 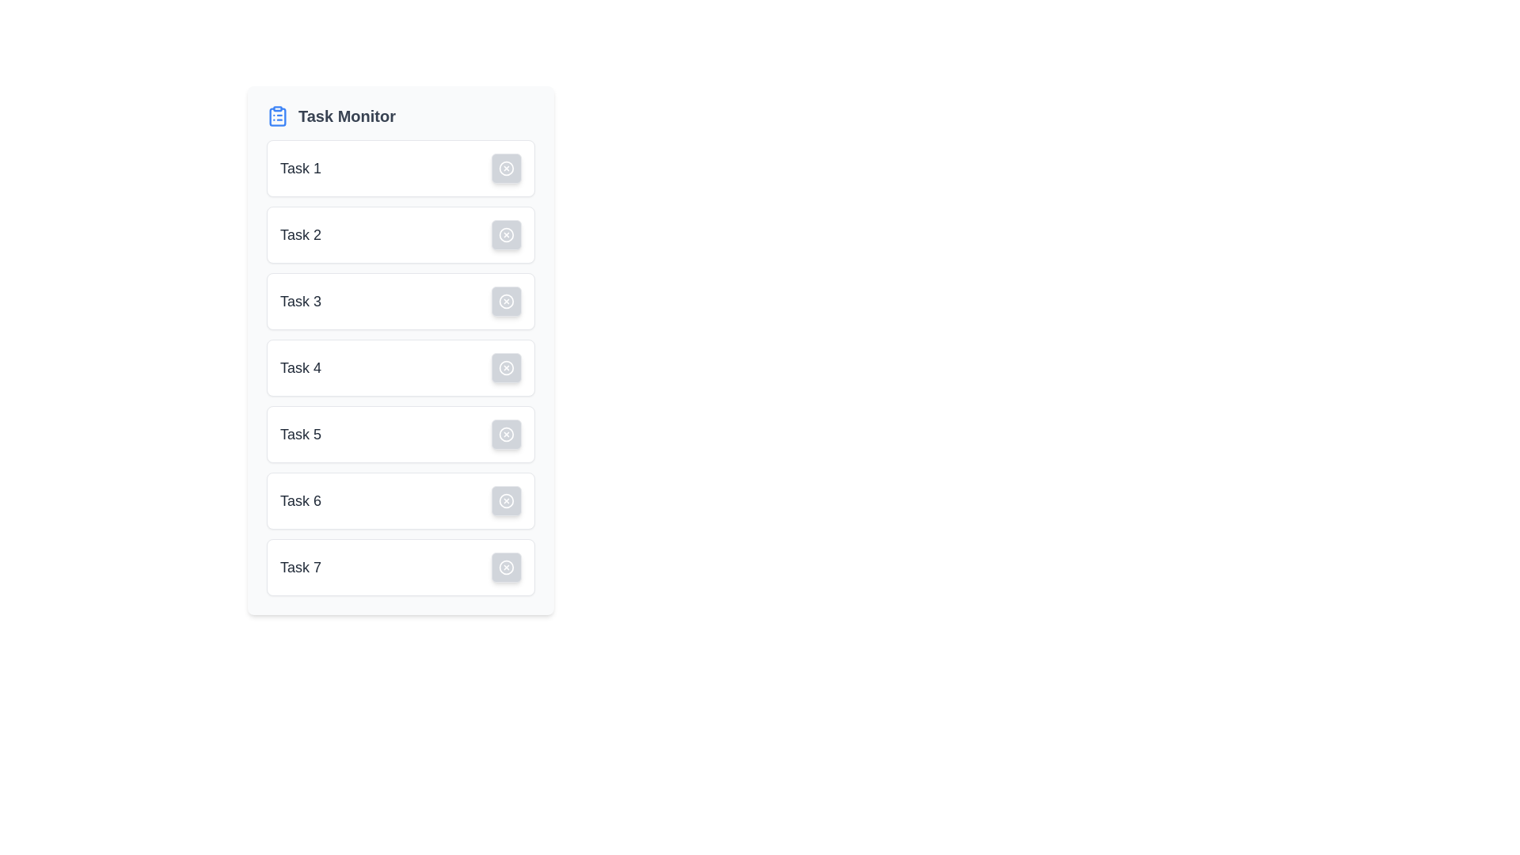 What do you see at coordinates (401, 567) in the screenshot?
I see `and drop the task item labeled 'Task 7'` at bounding box center [401, 567].